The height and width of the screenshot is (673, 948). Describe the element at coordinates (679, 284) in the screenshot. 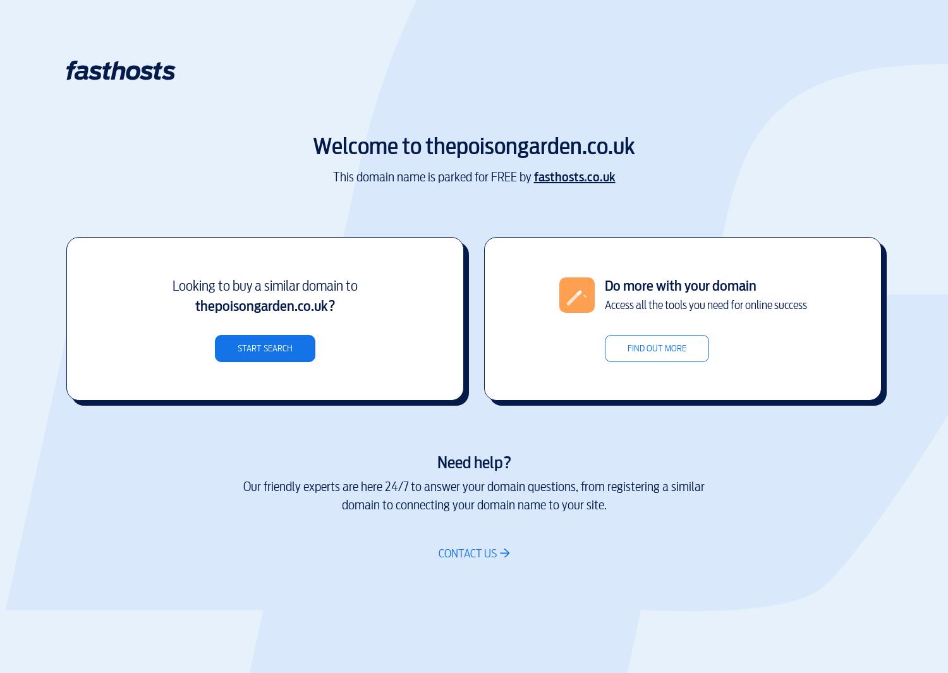

I see `'Do more with your domain'` at that location.